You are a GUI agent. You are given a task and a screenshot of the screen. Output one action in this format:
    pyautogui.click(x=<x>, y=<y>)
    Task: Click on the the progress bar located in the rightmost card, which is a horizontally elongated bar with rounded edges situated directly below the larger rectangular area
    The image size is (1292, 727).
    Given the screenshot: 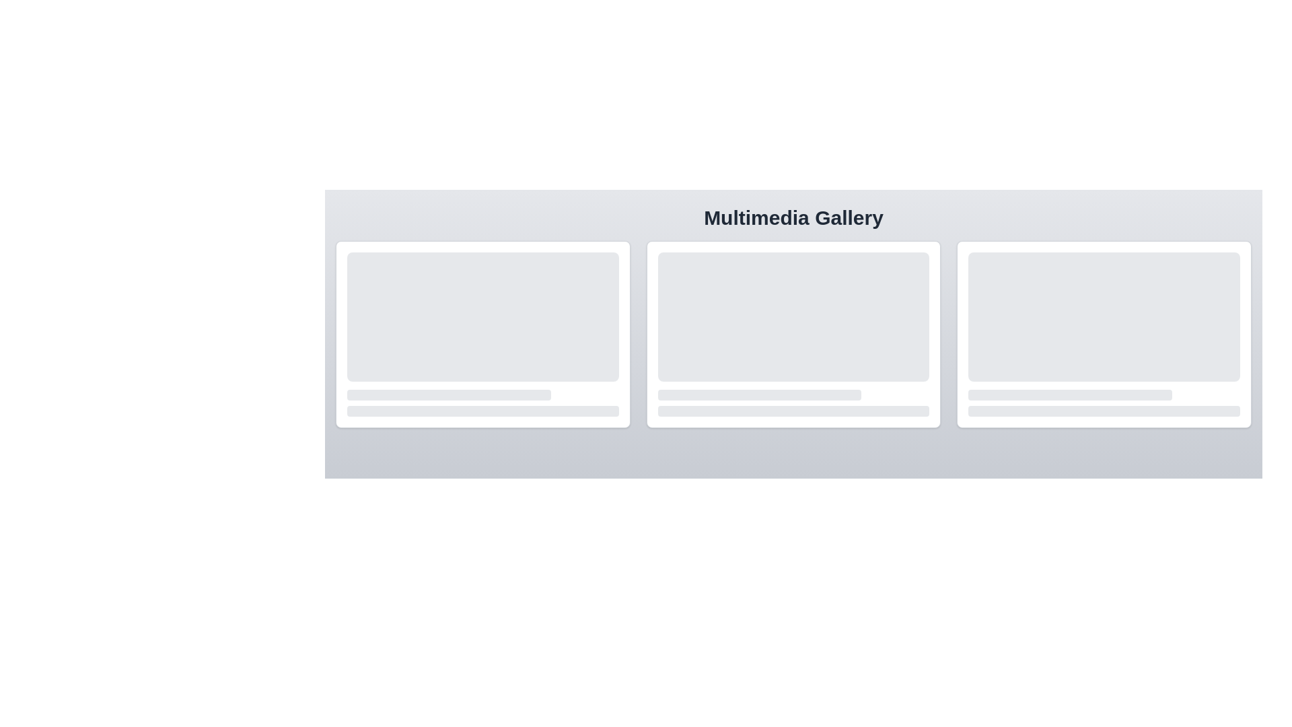 What is the action you would take?
    pyautogui.click(x=1104, y=394)
    